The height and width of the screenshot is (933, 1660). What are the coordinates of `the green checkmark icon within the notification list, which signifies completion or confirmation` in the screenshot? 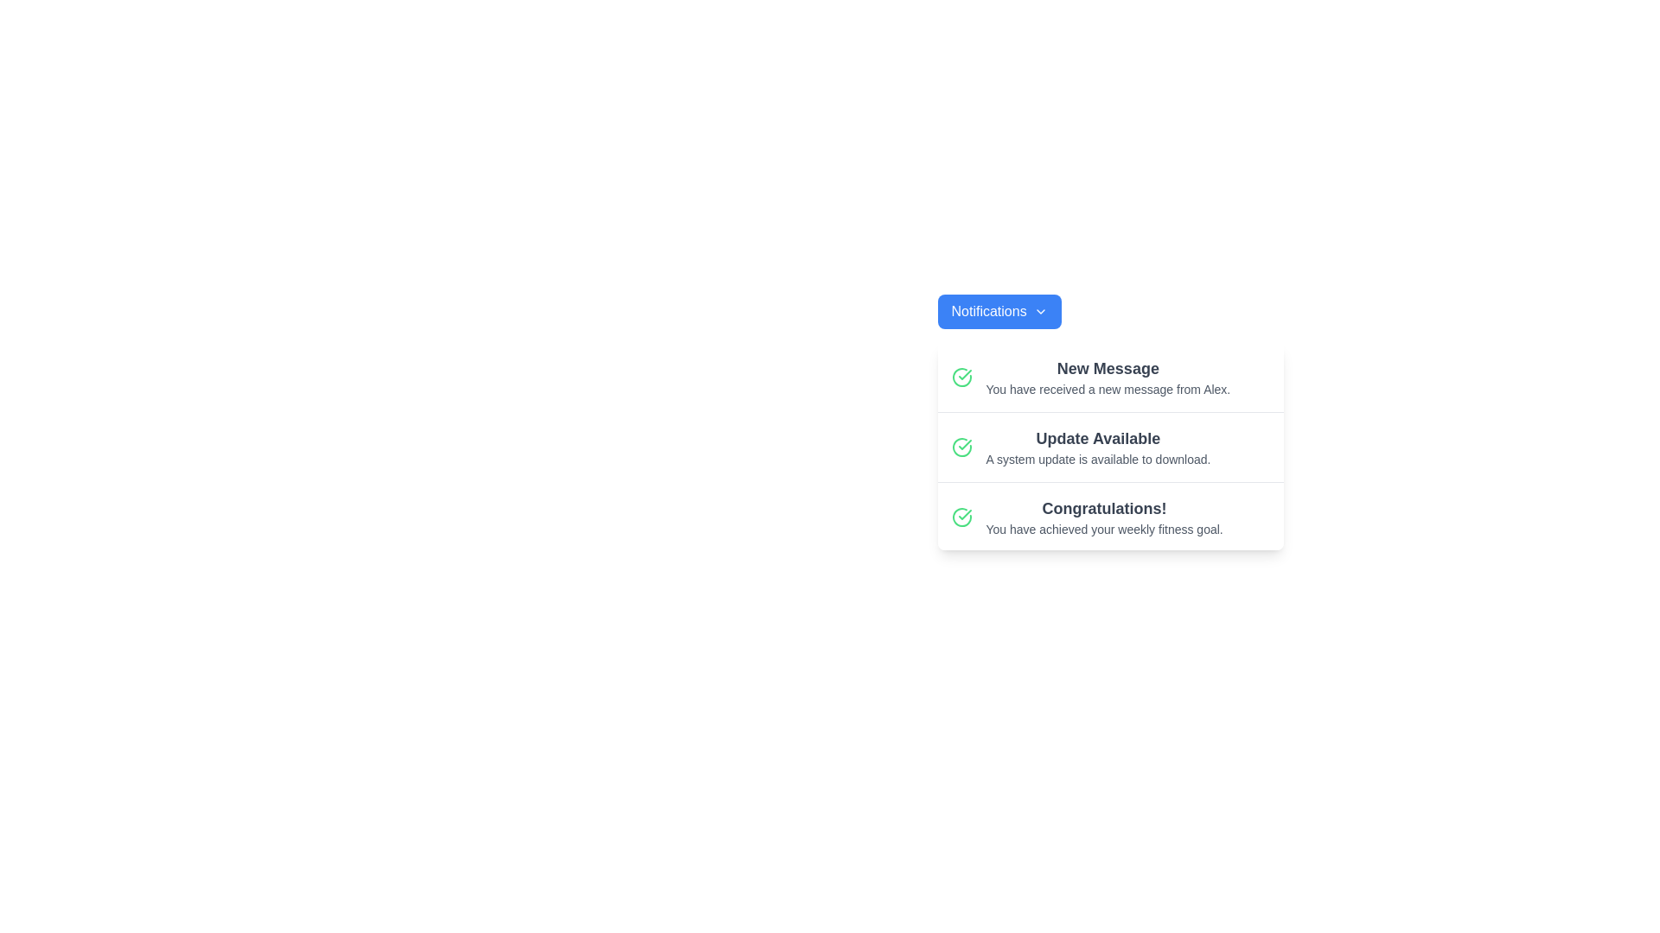 It's located at (964, 444).